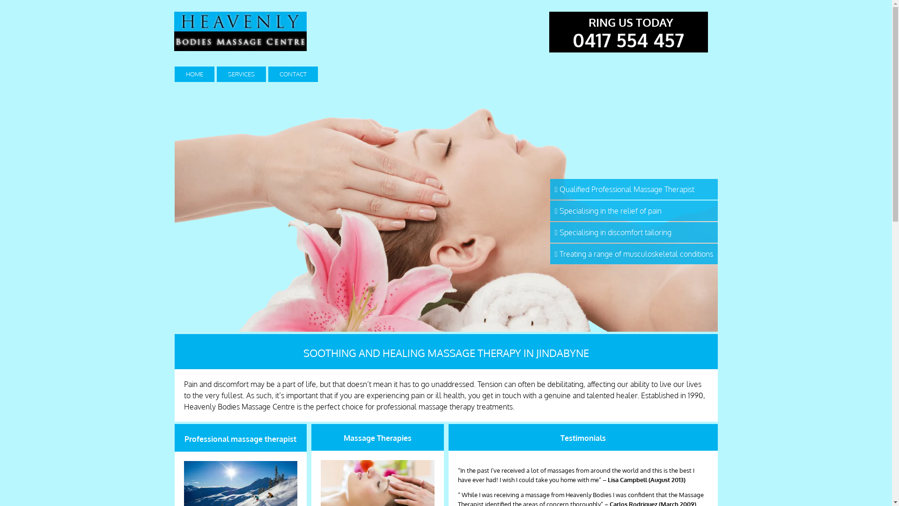 The image size is (899, 506). Describe the element at coordinates (572, 42) in the screenshot. I see `'0417 554 457'` at that location.